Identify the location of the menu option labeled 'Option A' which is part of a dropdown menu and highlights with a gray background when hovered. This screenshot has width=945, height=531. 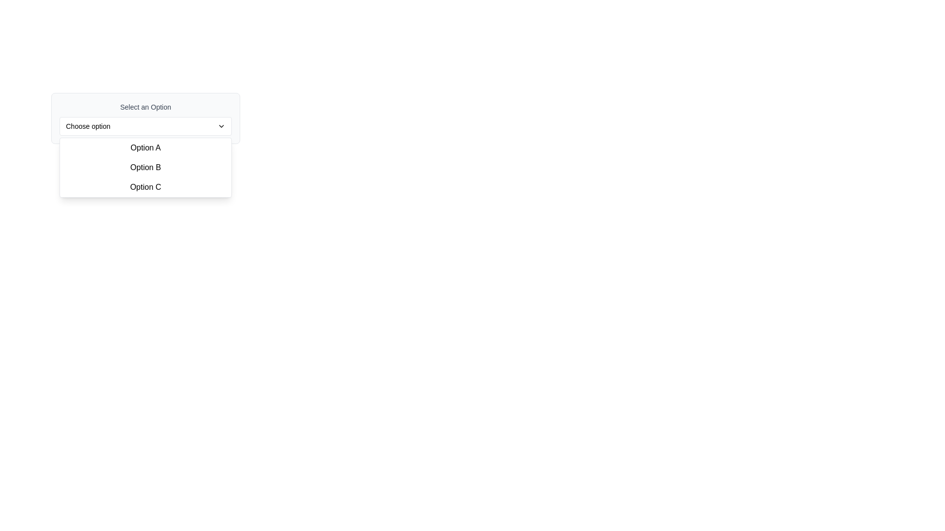
(145, 147).